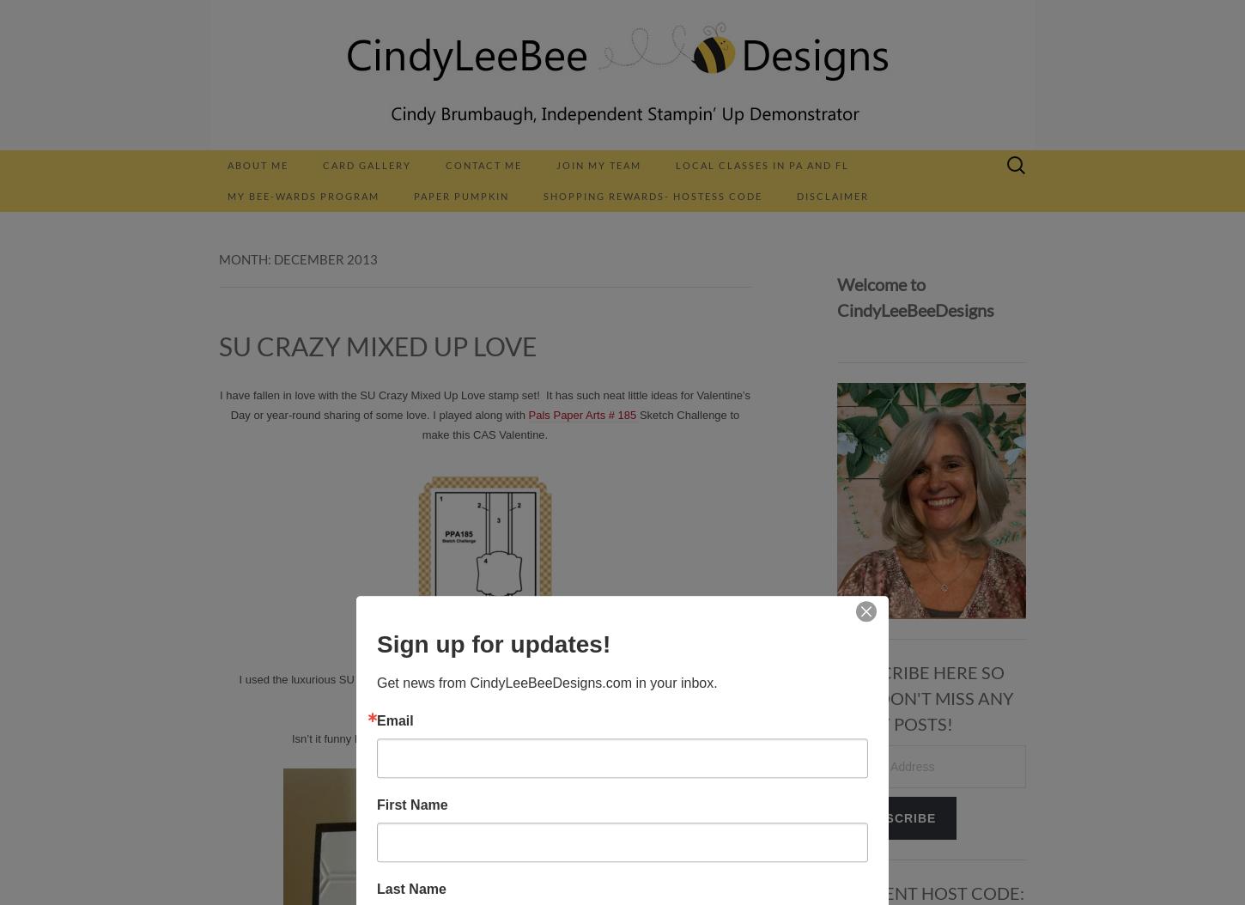  Describe the element at coordinates (579, 423) in the screenshot. I see `'Sketch Challenge to make this CAS Valentine.'` at that location.